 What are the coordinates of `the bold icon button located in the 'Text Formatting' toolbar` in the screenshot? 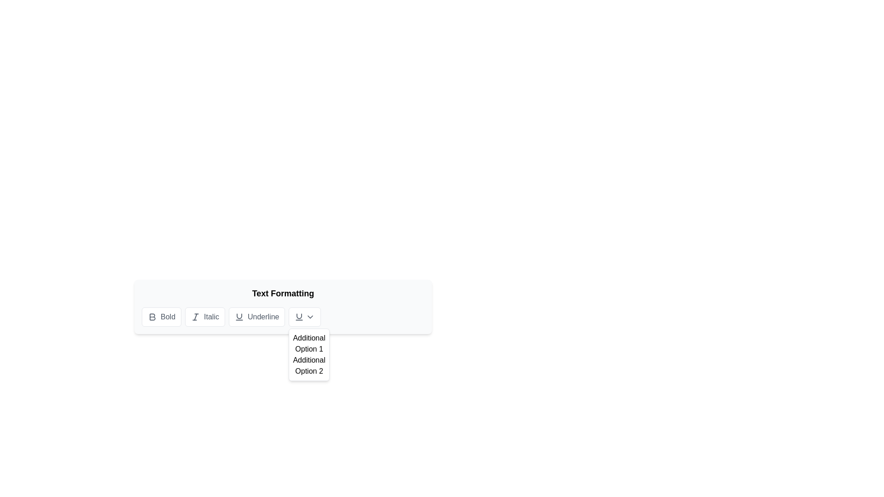 It's located at (152, 317).